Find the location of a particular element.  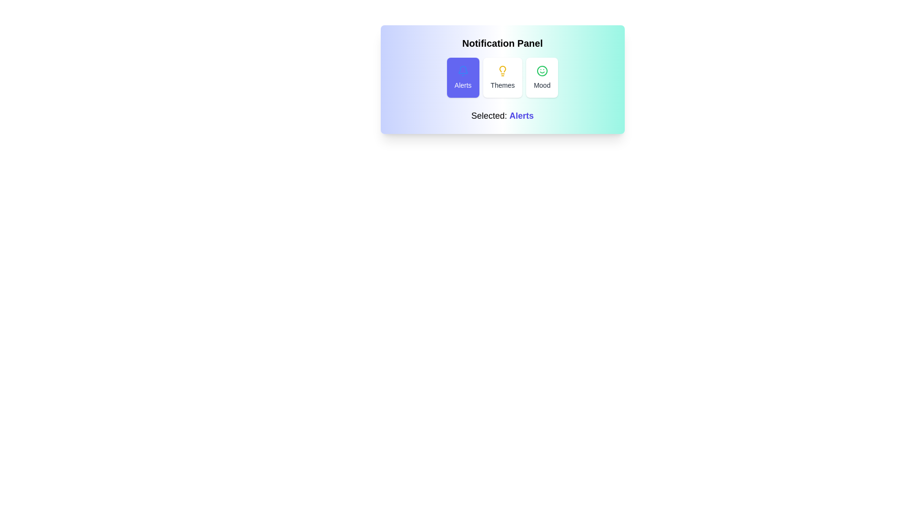

the Mood button in the notification panel is located at coordinates (542, 77).